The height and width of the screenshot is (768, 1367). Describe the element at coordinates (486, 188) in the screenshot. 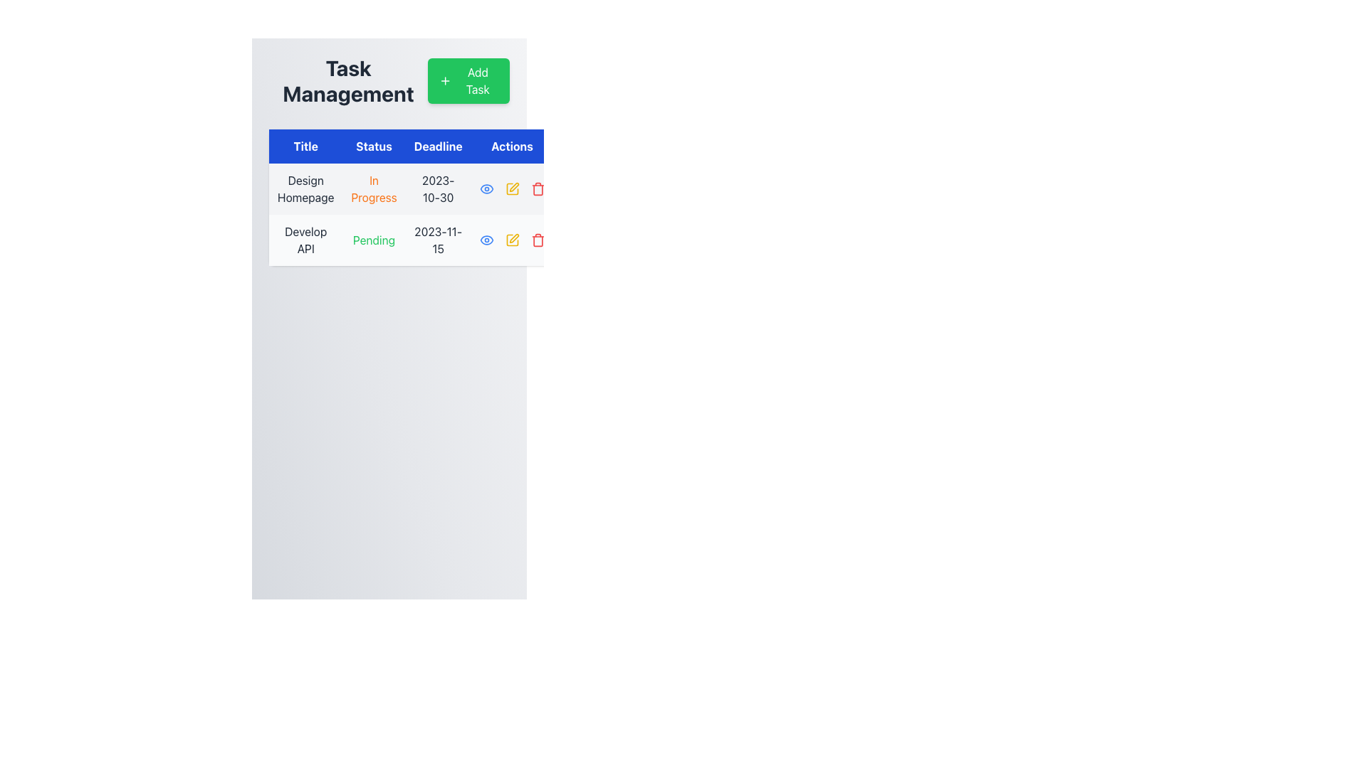

I see `the elliptical outline part of the eye icon in the 'Actions' column adjacent to the 'Develop API' task row` at that location.